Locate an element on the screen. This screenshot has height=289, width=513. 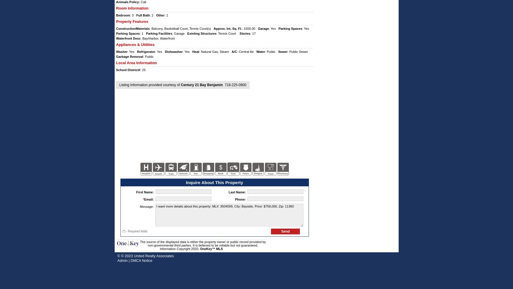
'Message:' is located at coordinates (140, 206).